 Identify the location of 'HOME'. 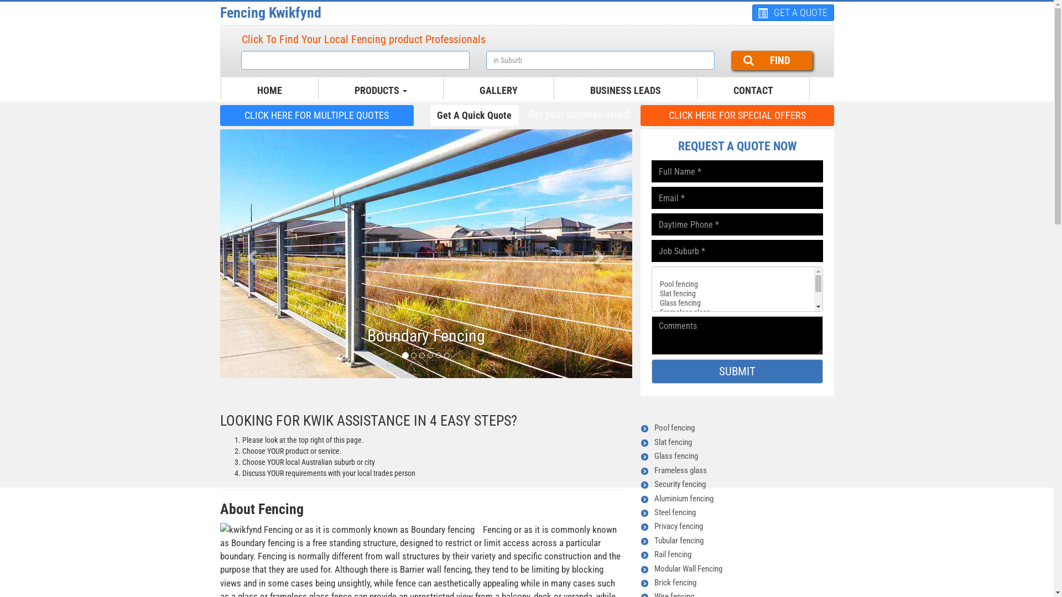
(248, 90).